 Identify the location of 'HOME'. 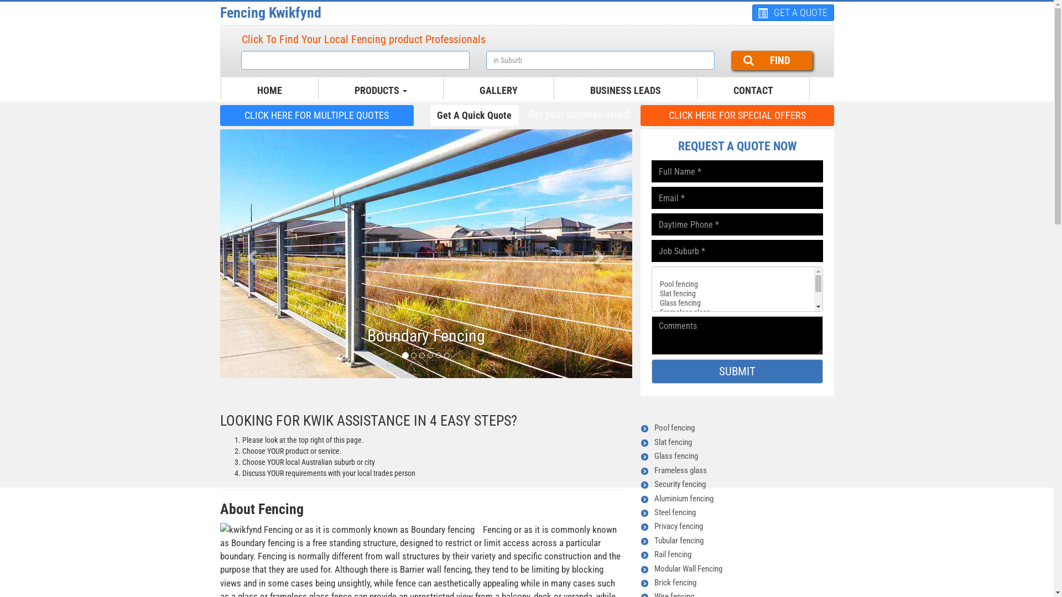
(248, 90).